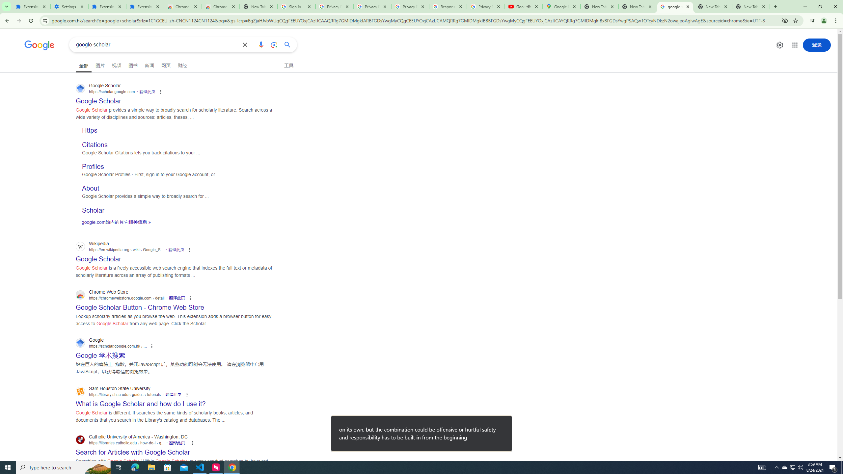  I want to click on 'Https', so click(90, 130).